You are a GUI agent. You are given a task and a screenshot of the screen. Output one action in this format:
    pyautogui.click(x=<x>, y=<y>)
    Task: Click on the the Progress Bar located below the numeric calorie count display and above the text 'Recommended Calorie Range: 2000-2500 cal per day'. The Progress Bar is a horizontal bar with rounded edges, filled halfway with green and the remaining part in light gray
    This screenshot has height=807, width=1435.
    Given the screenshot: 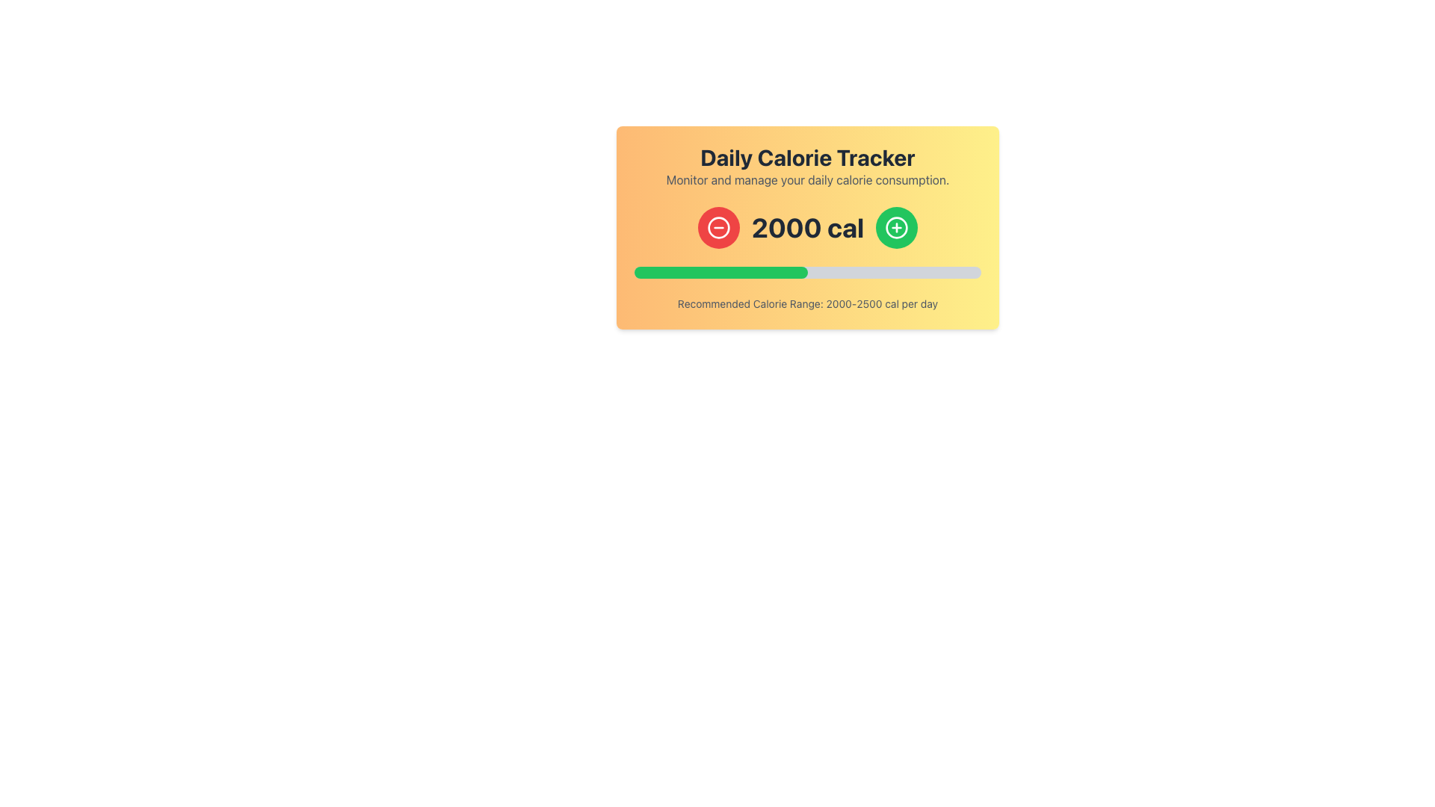 What is the action you would take?
    pyautogui.click(x=806, y=273)
    